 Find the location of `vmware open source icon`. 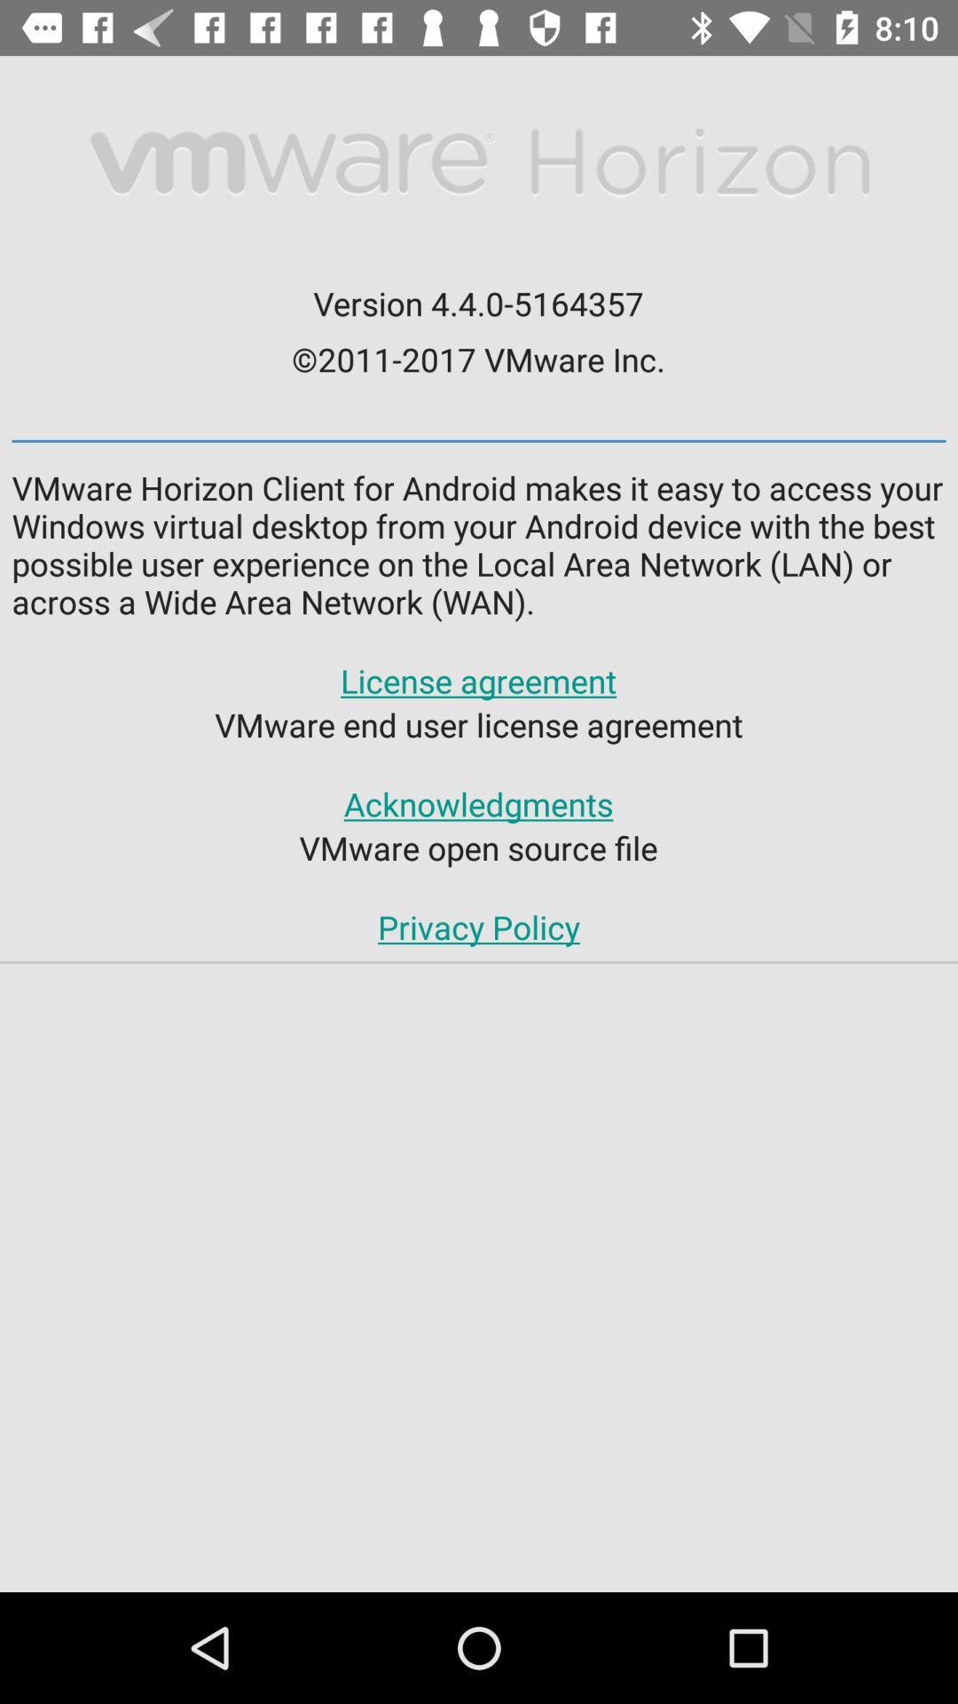

vmware open source icon is located at coordinates (477, 847).